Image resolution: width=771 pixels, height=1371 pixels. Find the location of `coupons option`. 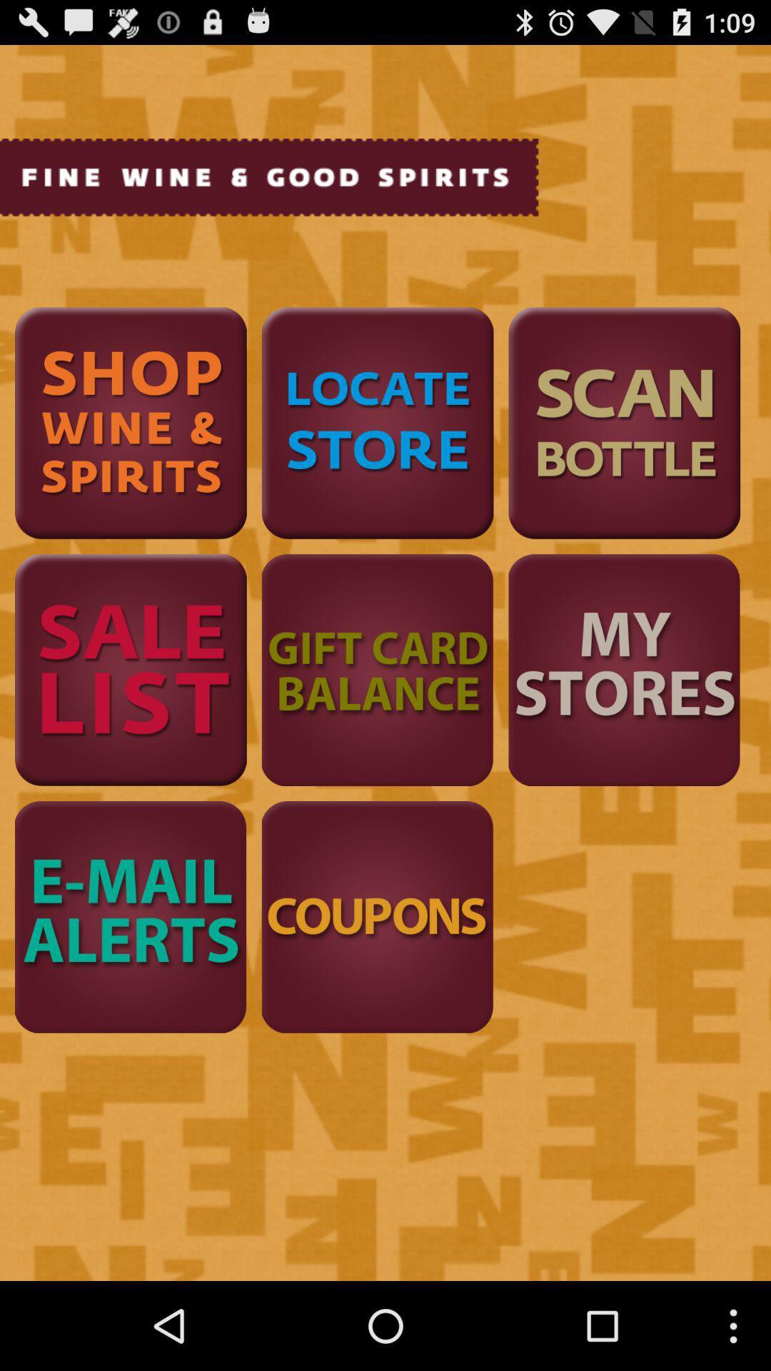

coupons option is located at coordinates (377, 917).